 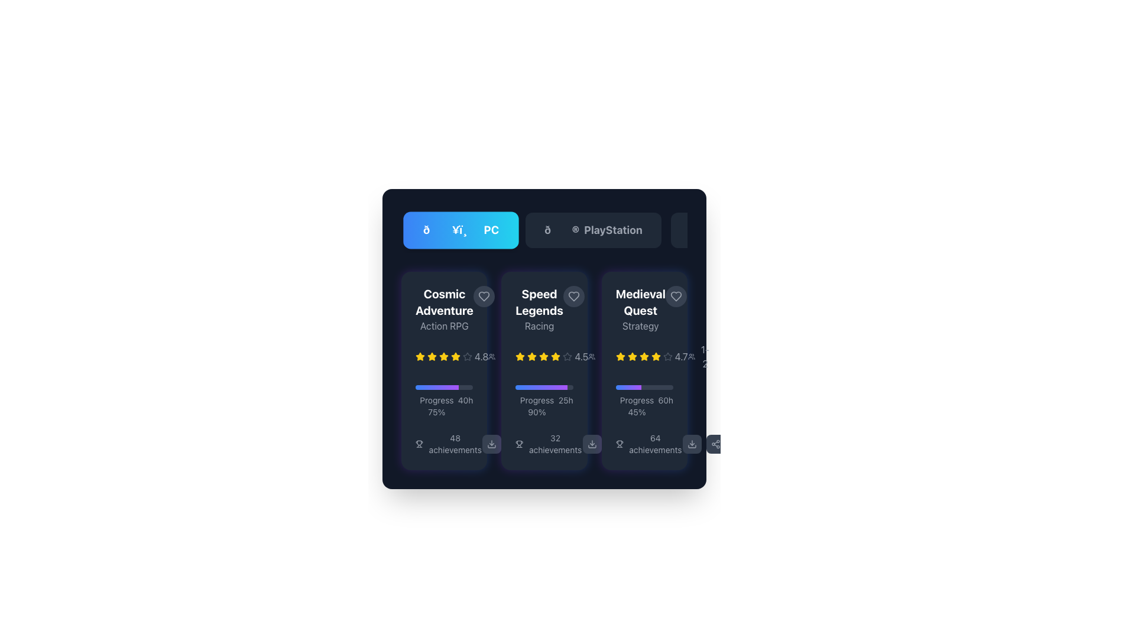 What do you see at coordinates (631, 356) in the screenshot?
I see `the yellow-colored filled star icon representing ratings, which is the second star from the left in the star rating group within the third card from the left` at bounding box center [631, 356].